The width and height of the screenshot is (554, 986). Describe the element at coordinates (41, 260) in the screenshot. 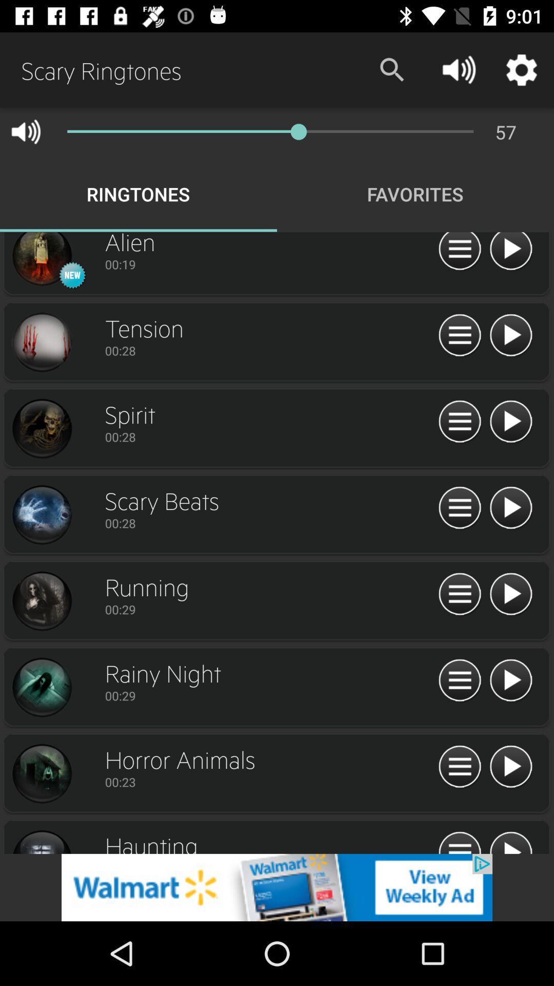

I see `screenshot icon for ringtone` at that location.